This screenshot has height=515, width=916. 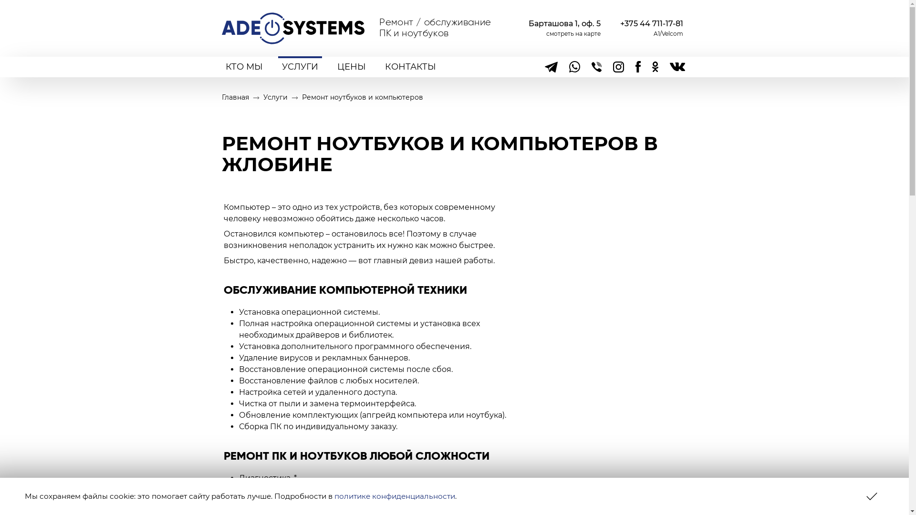 What do you see at coordinates (651, 23) in the screenshot?
I see `'+375 44 711-17-81'` at bounding box center [651, 23].